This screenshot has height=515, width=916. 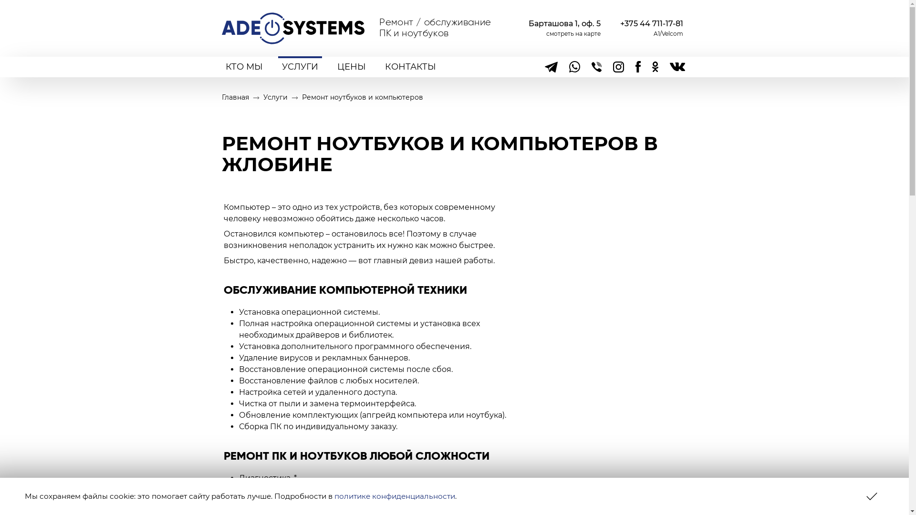 What do you see at coordinates (651, 23) in the screenshot?
I see `'+375 44 711-17-81'` at bounding box center [651, 23].